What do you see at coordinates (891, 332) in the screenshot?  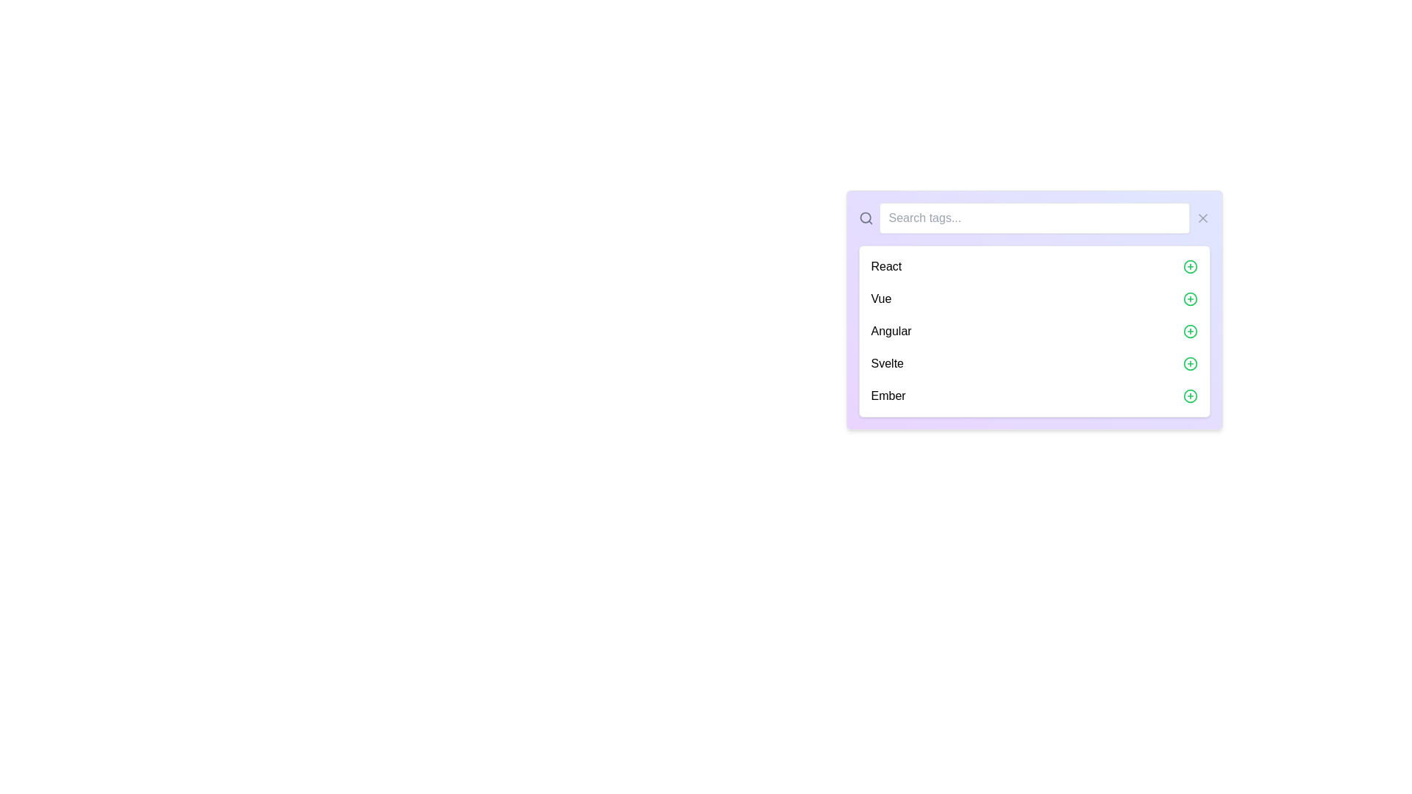 I see `the third selectable label in the vertically-stacked list of tags, which is likely used for filtering or selection` at bounding box center [891, 332].